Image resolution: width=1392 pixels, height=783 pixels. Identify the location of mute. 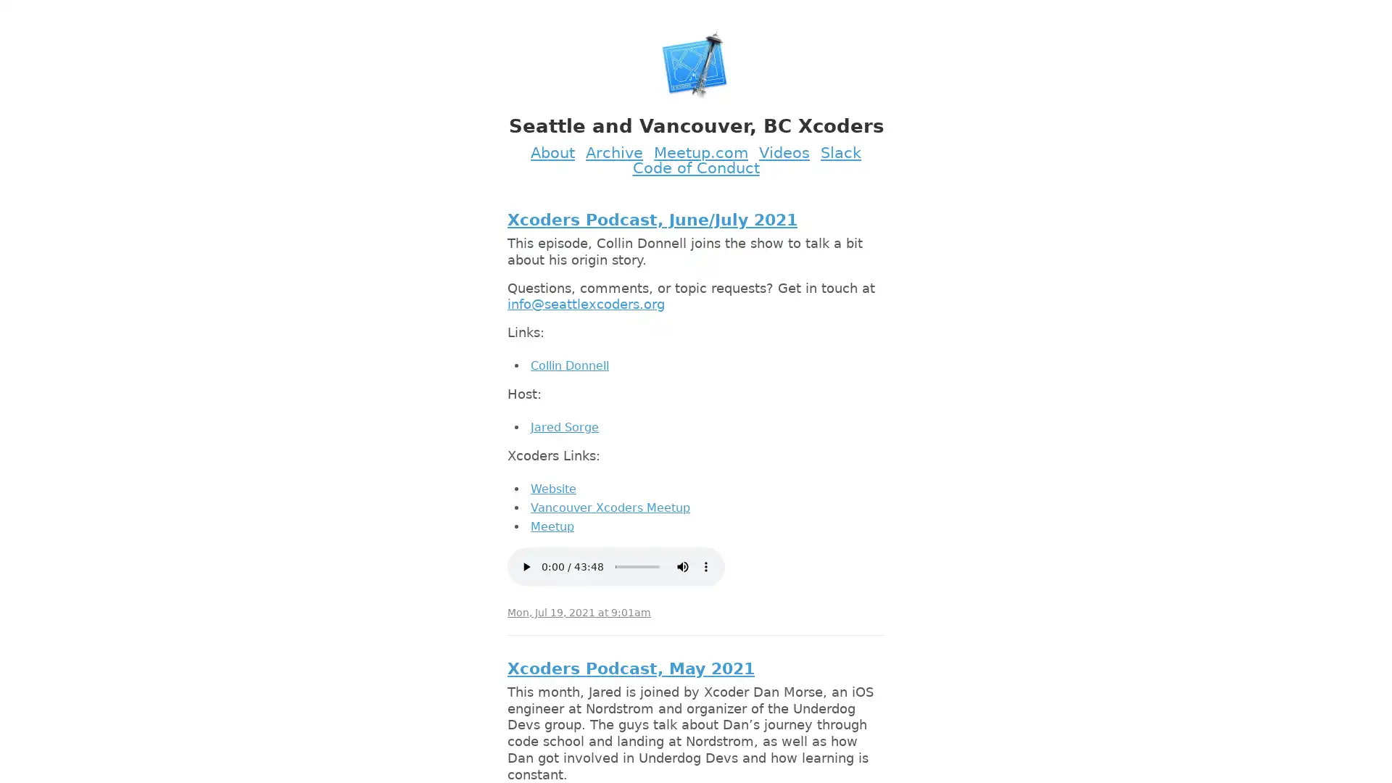
(681, 565).